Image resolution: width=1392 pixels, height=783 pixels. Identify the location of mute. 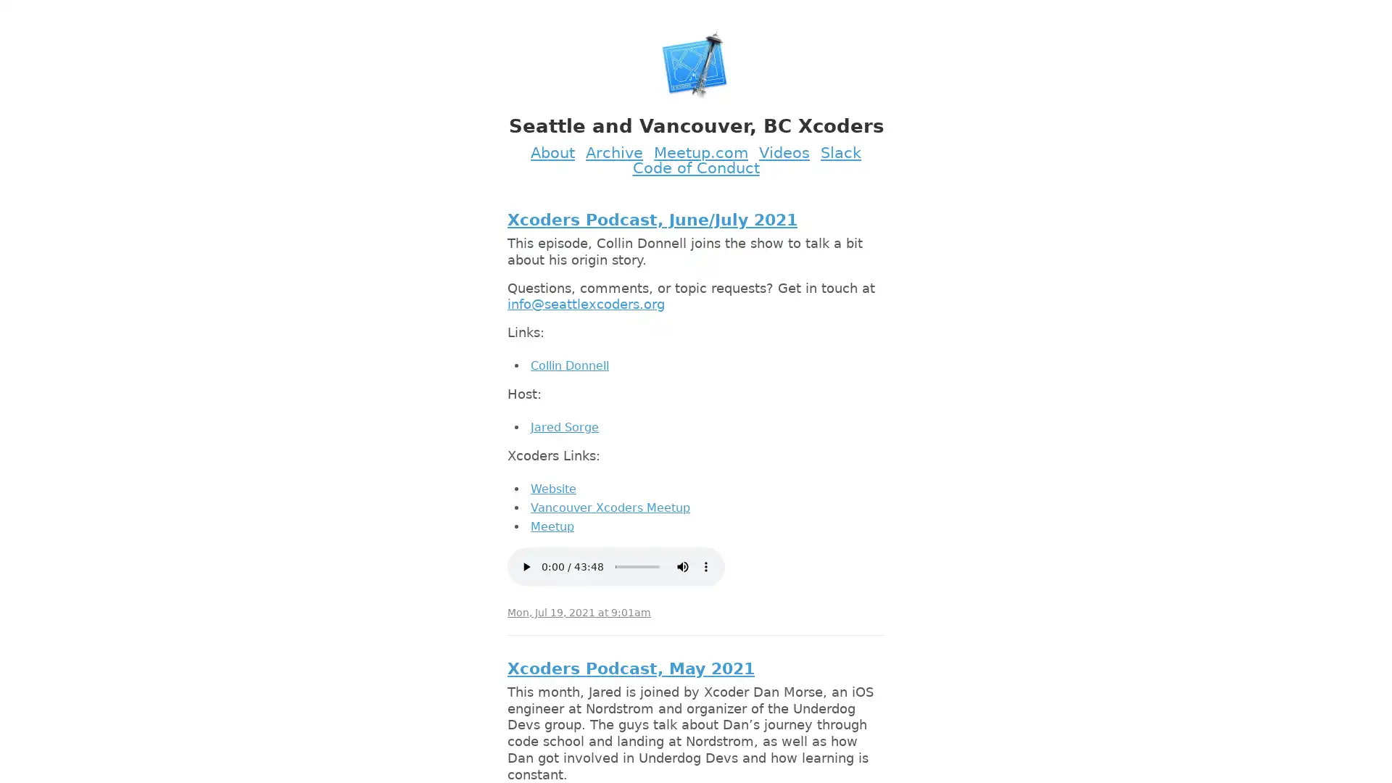
(681, 565).